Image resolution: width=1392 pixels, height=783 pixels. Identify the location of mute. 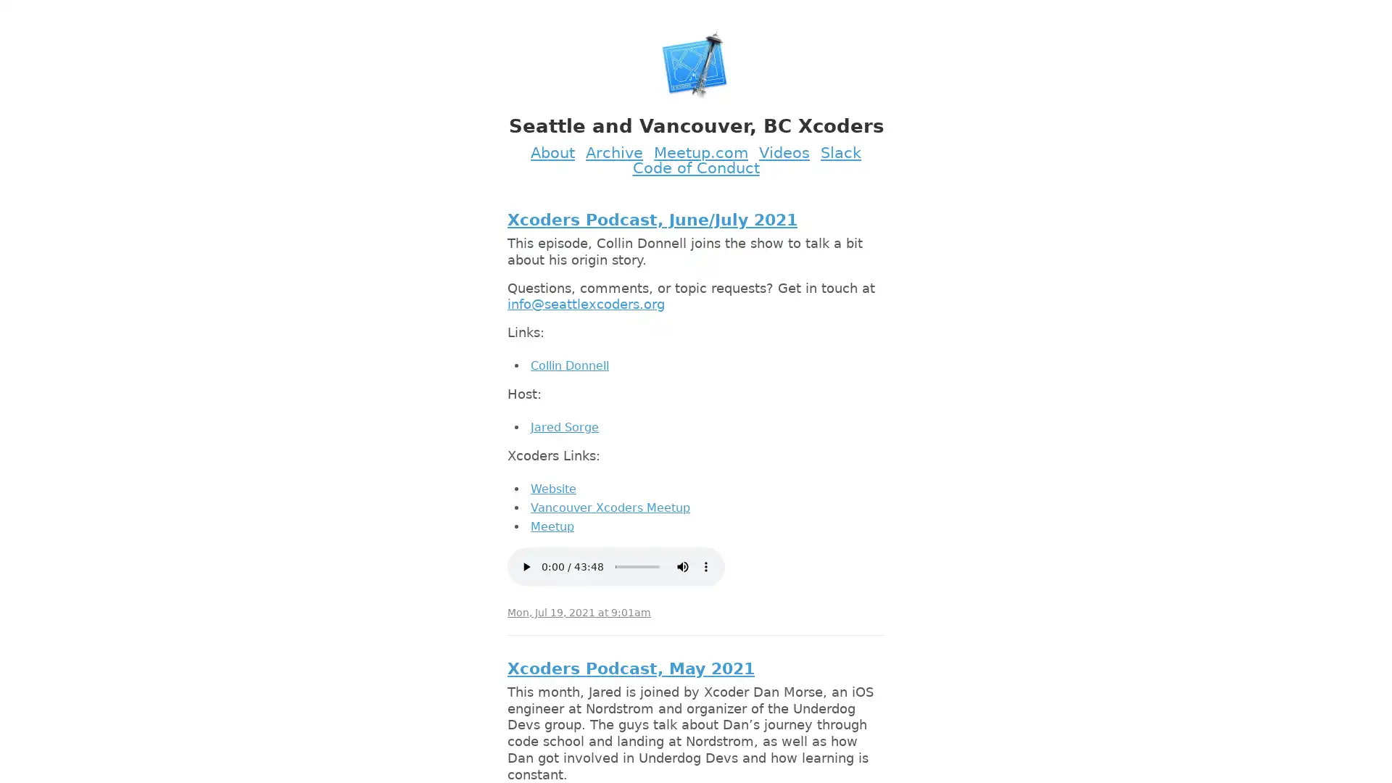
(681, 565).